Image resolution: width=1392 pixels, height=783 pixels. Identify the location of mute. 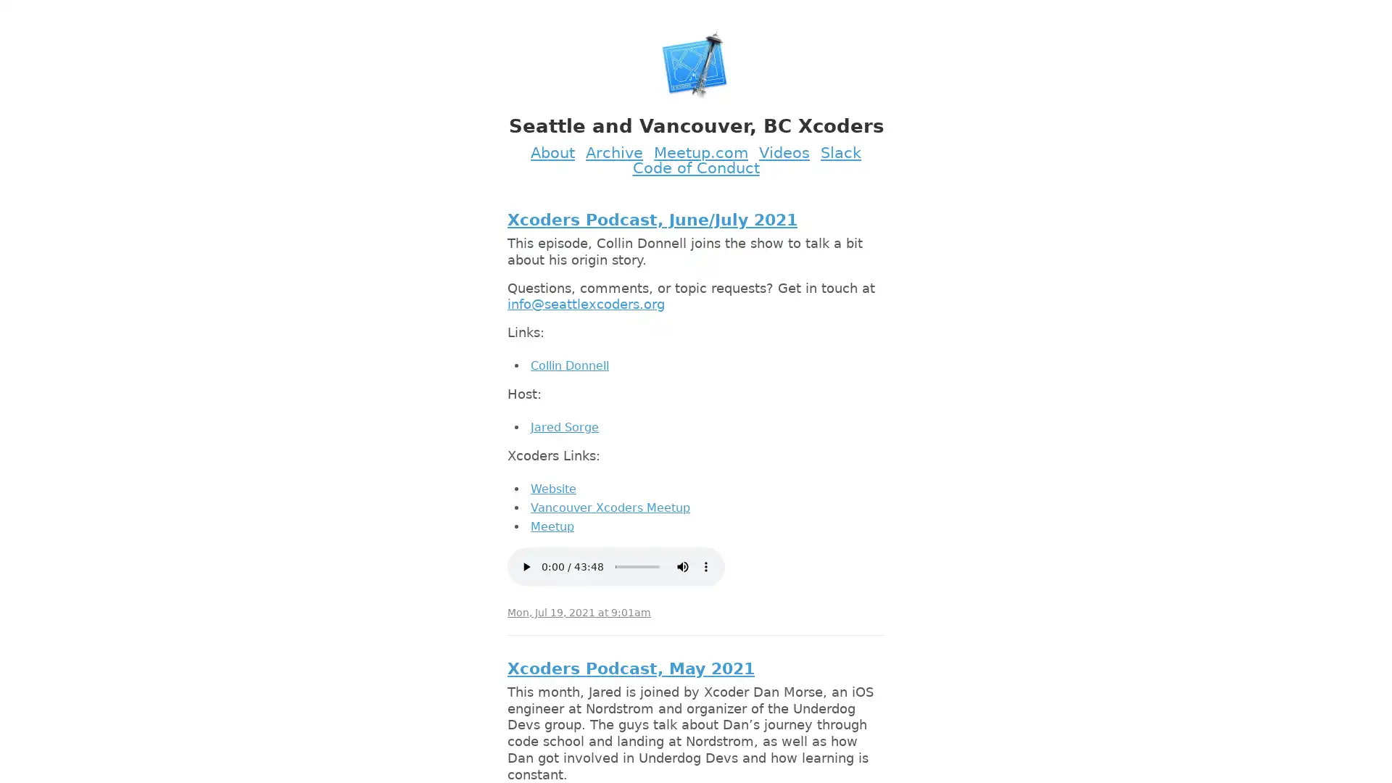
(681, 565).